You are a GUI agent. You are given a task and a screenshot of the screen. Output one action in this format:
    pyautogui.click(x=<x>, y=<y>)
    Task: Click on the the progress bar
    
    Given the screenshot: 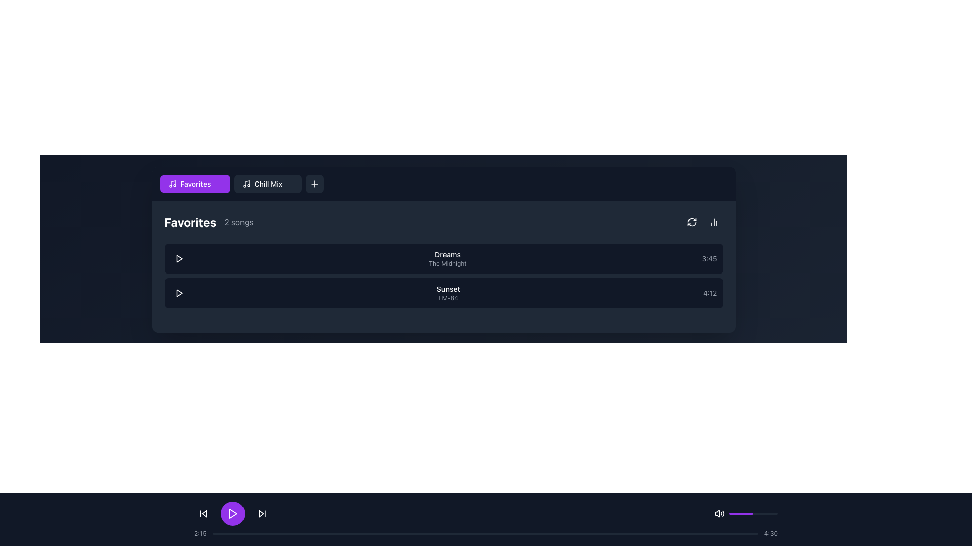 What is the action you would take?
    pyautogui.click(x=278, y=533)
    